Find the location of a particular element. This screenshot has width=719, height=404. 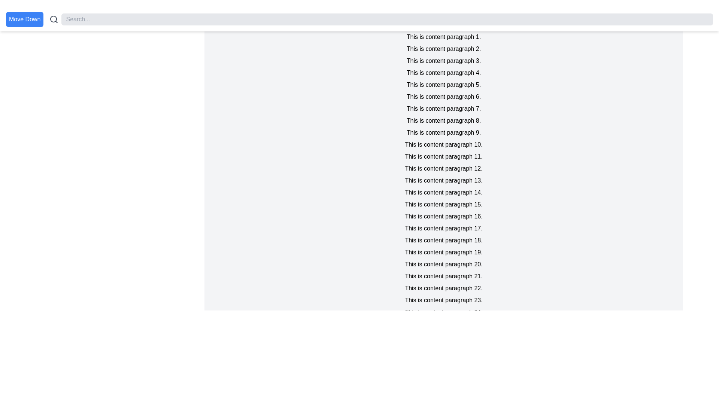

the 13th Plain text element in a vertically stacked list of paragraphs, which displays static textual information is located at coordinates (444, 180).